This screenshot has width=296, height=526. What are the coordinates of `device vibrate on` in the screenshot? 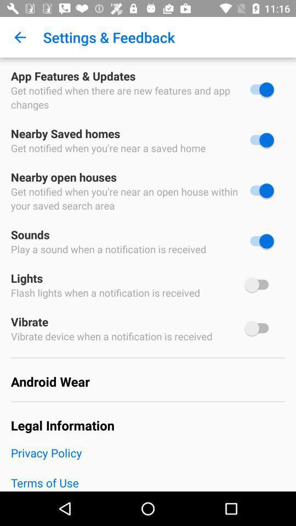 It's located at (259, 328).